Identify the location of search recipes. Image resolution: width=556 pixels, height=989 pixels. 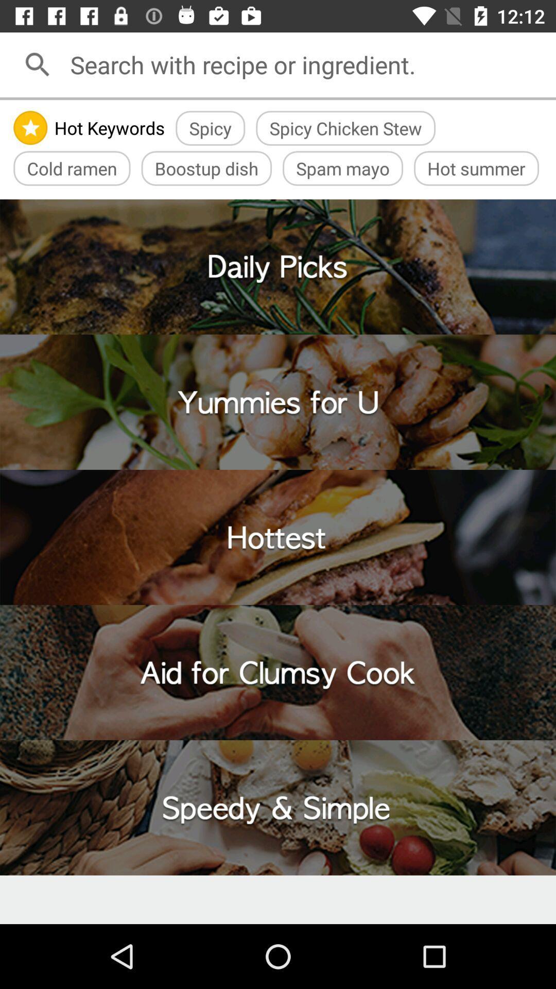
(309, 64).